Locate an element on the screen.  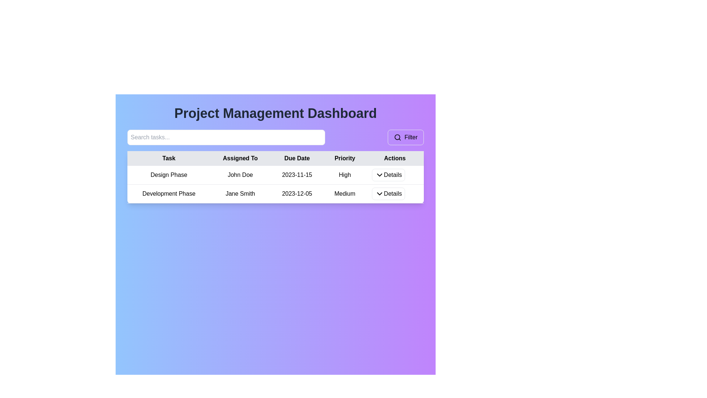
the position of the text label indicating task names is located at coordinates (168, 158).